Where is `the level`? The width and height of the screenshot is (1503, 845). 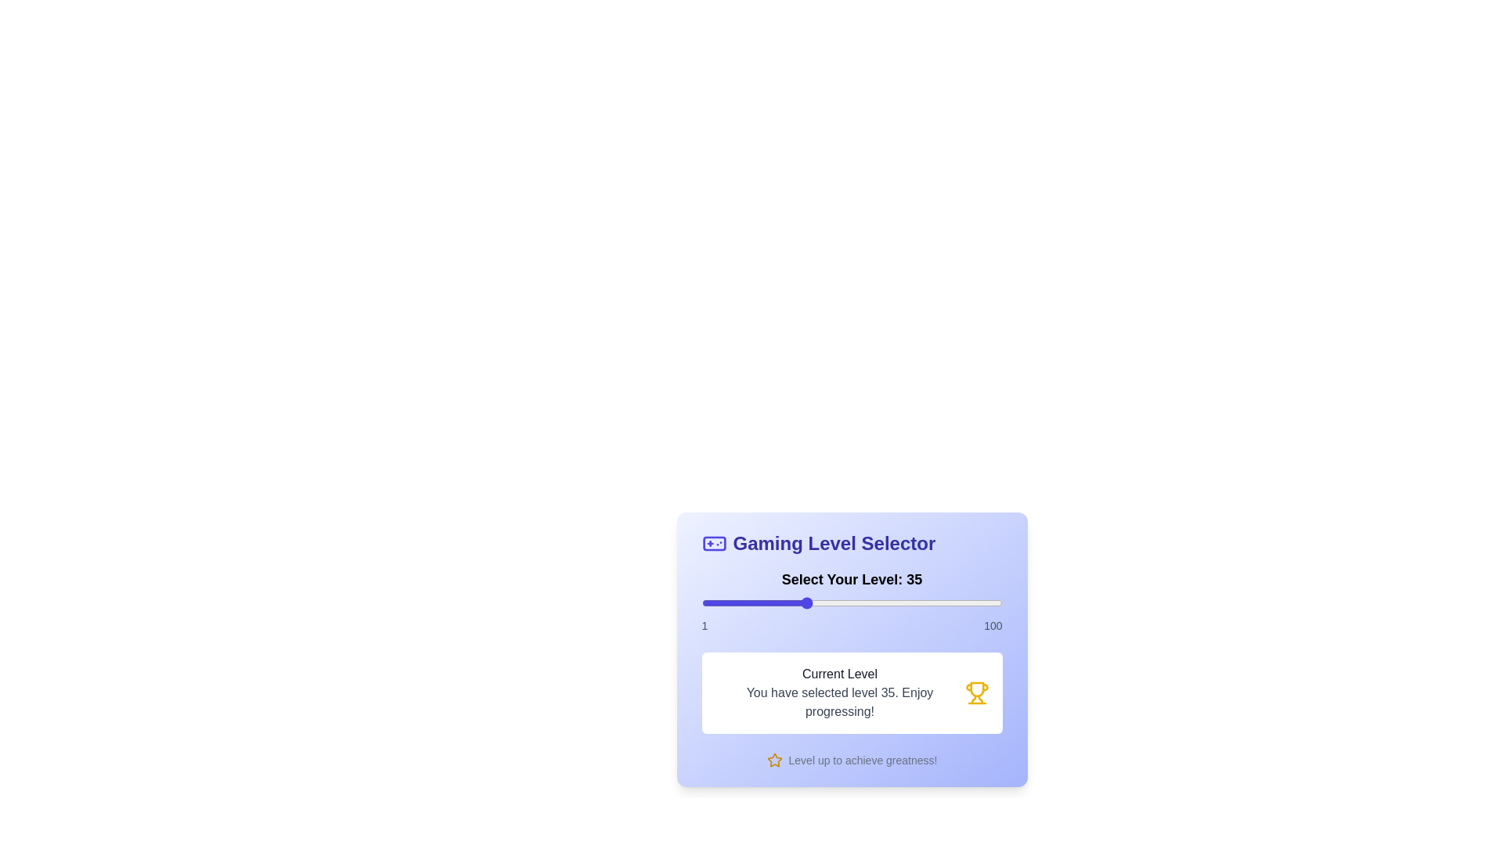
the level is located at coordinates (971, 602).